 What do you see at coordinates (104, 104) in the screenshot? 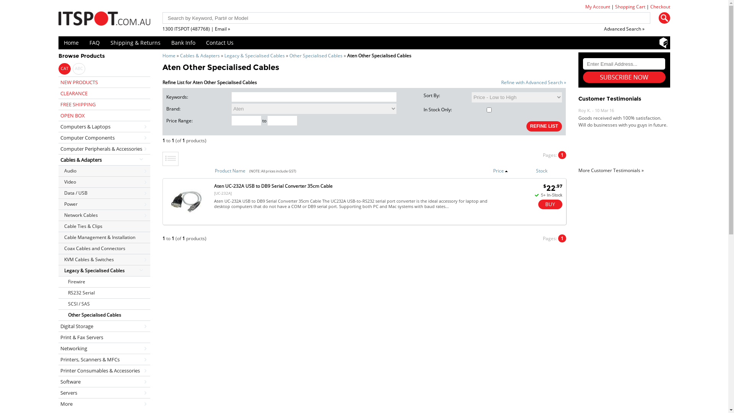
I see `'FREE SHIPPING'` at bounding box center [104, 104].